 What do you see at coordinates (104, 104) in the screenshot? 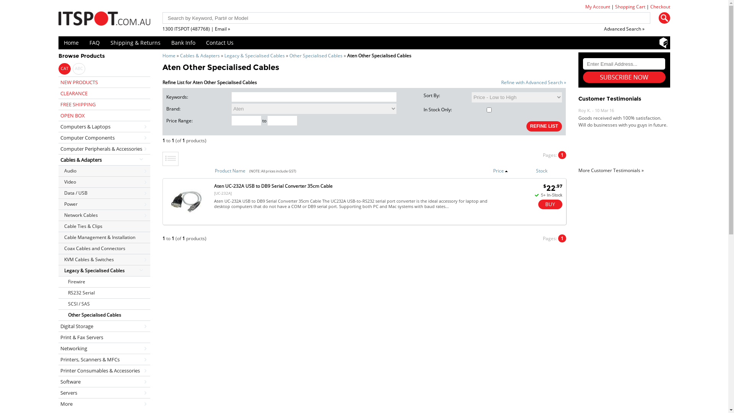
I see `'FREE SHIPPING'` at bounding box center [104, 104].